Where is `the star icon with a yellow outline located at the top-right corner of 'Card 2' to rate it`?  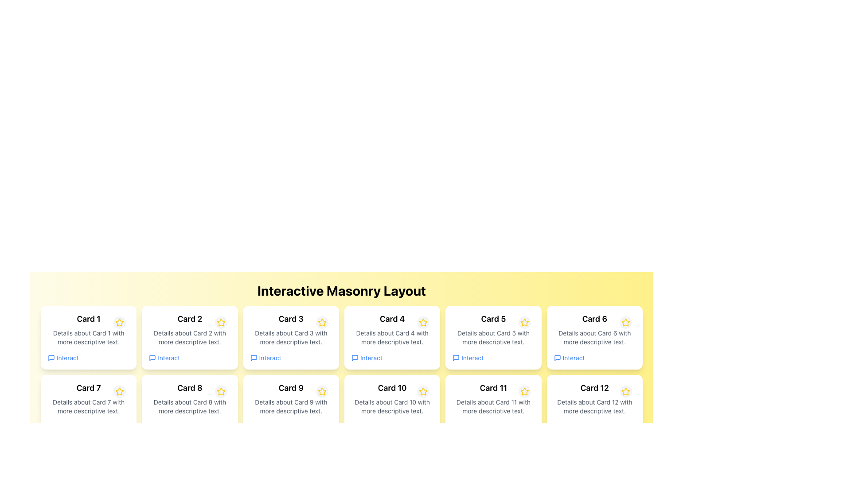
the star icon with a yellow outline located at the top-right corner of 'Card 2' to rate it is located at coordinates (221, 323).